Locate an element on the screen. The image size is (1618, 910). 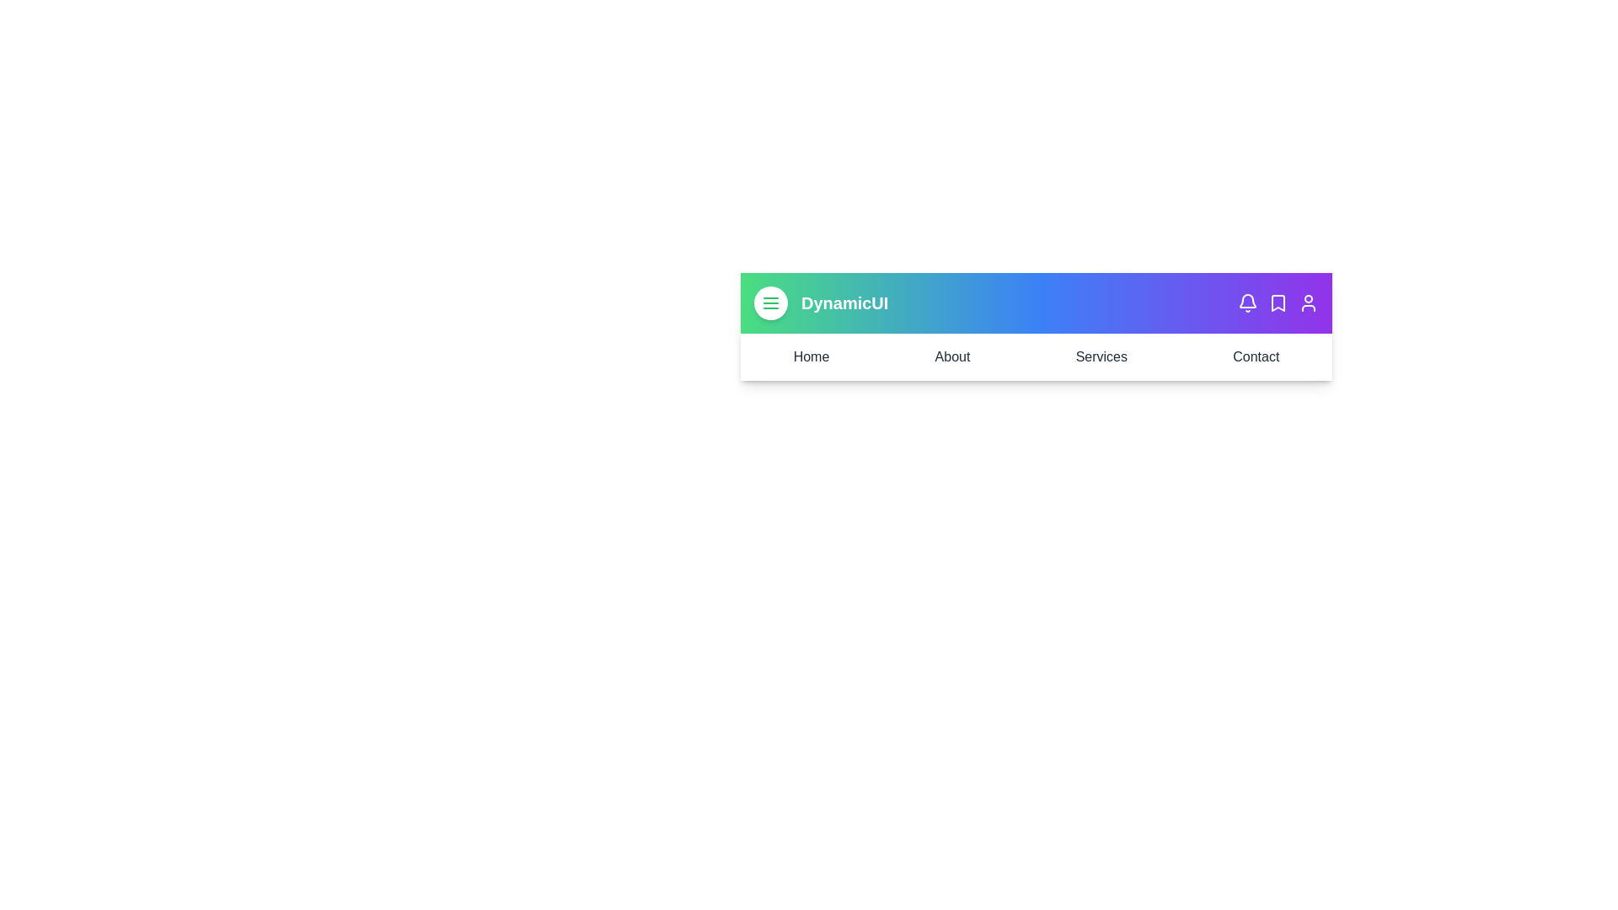
the menu link labeled Services is located at coordinates (1101, 356).